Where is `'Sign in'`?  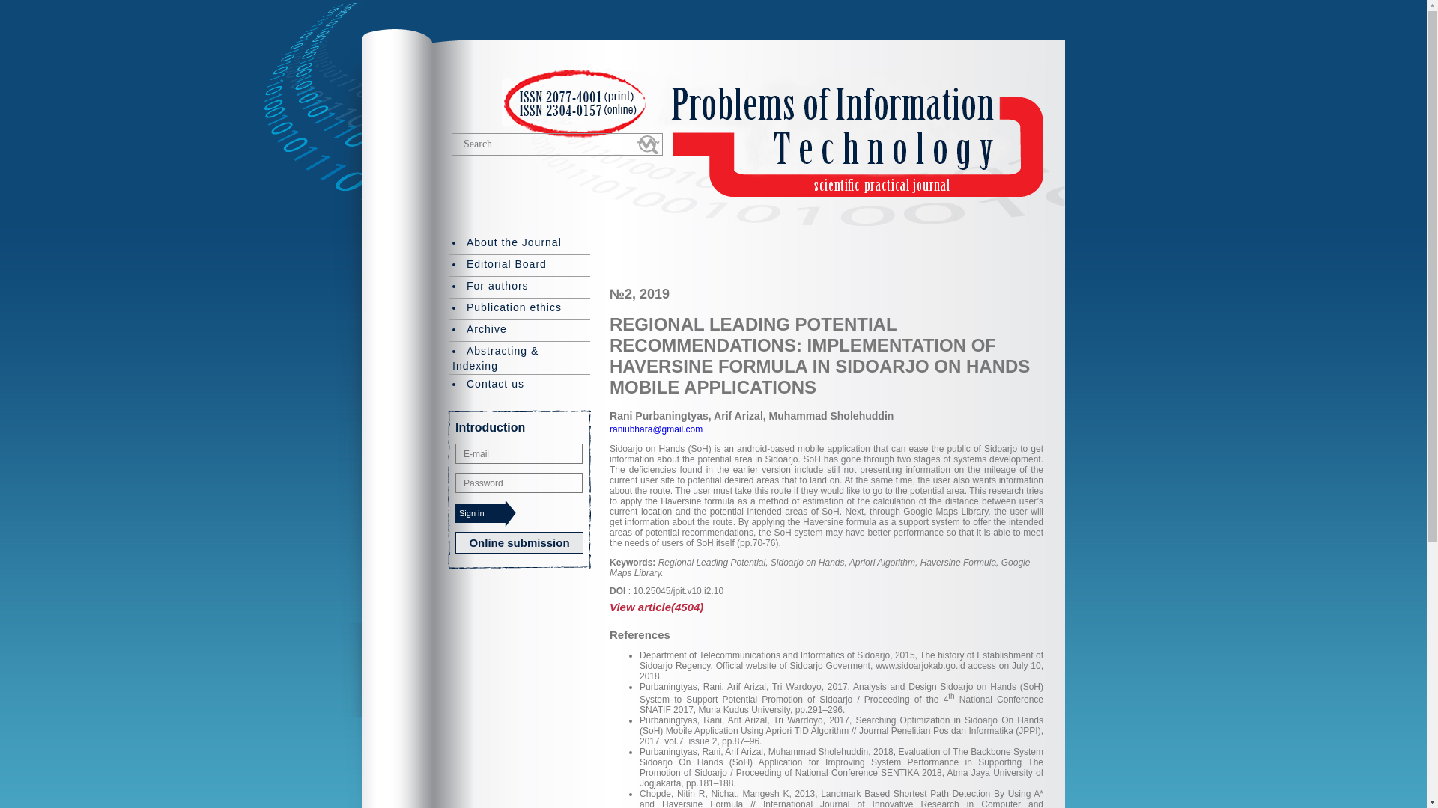 'Sign in' is located at coordinates (485, 512).